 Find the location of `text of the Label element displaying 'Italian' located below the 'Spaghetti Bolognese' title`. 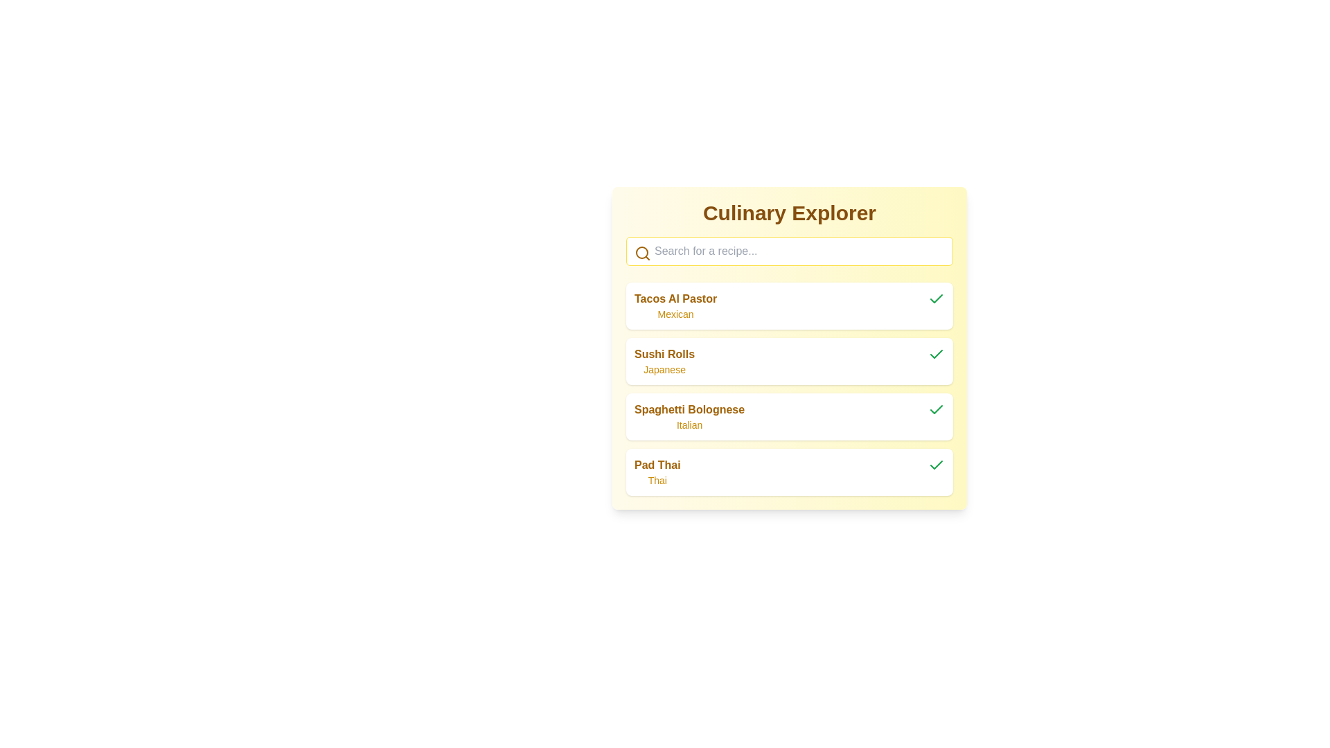

text of the Label element displaying 'Italian' located below the 'Spaghetti Bolognese' title is located at coordinates (689, 424).